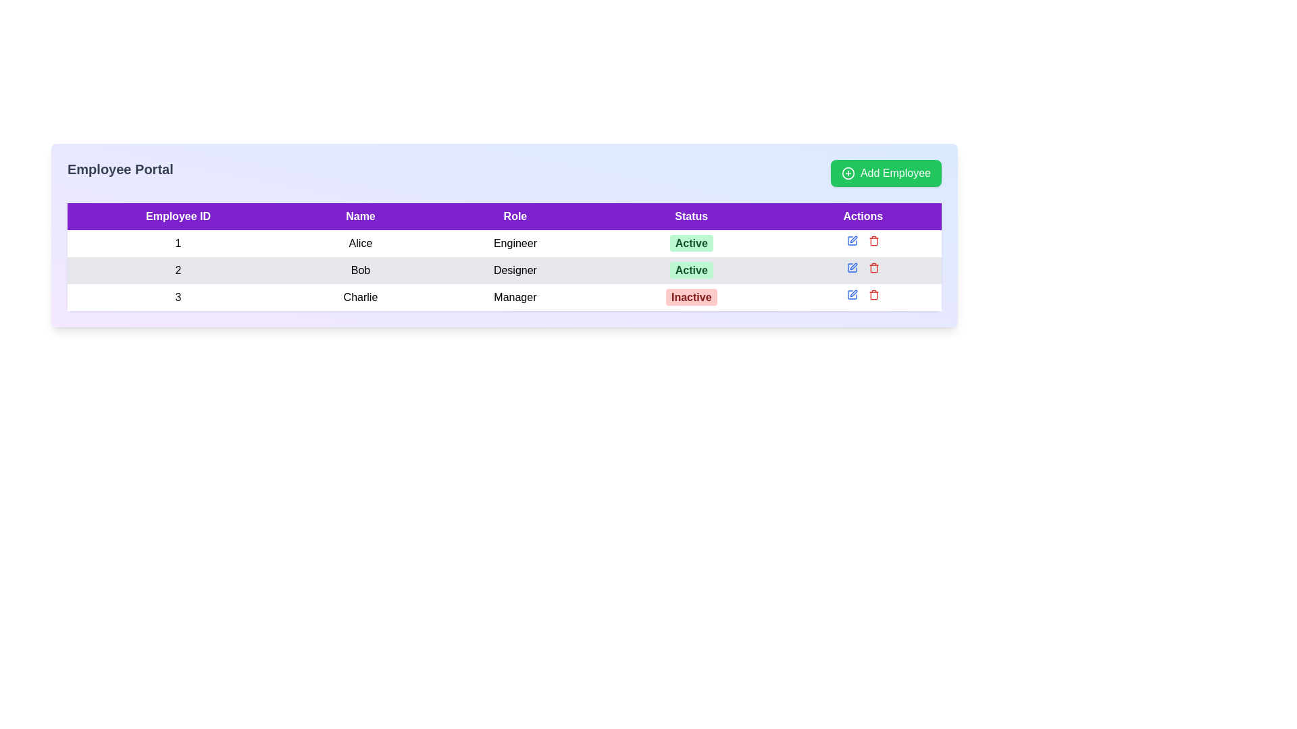 Image resolution: width=1297 pixels, height=729 pixels. What do you see at coordinates (873, 268) in the screenshot?
I see `the red trash can icon button located in the Actions column of the second row` at bounding box center [873, 268].